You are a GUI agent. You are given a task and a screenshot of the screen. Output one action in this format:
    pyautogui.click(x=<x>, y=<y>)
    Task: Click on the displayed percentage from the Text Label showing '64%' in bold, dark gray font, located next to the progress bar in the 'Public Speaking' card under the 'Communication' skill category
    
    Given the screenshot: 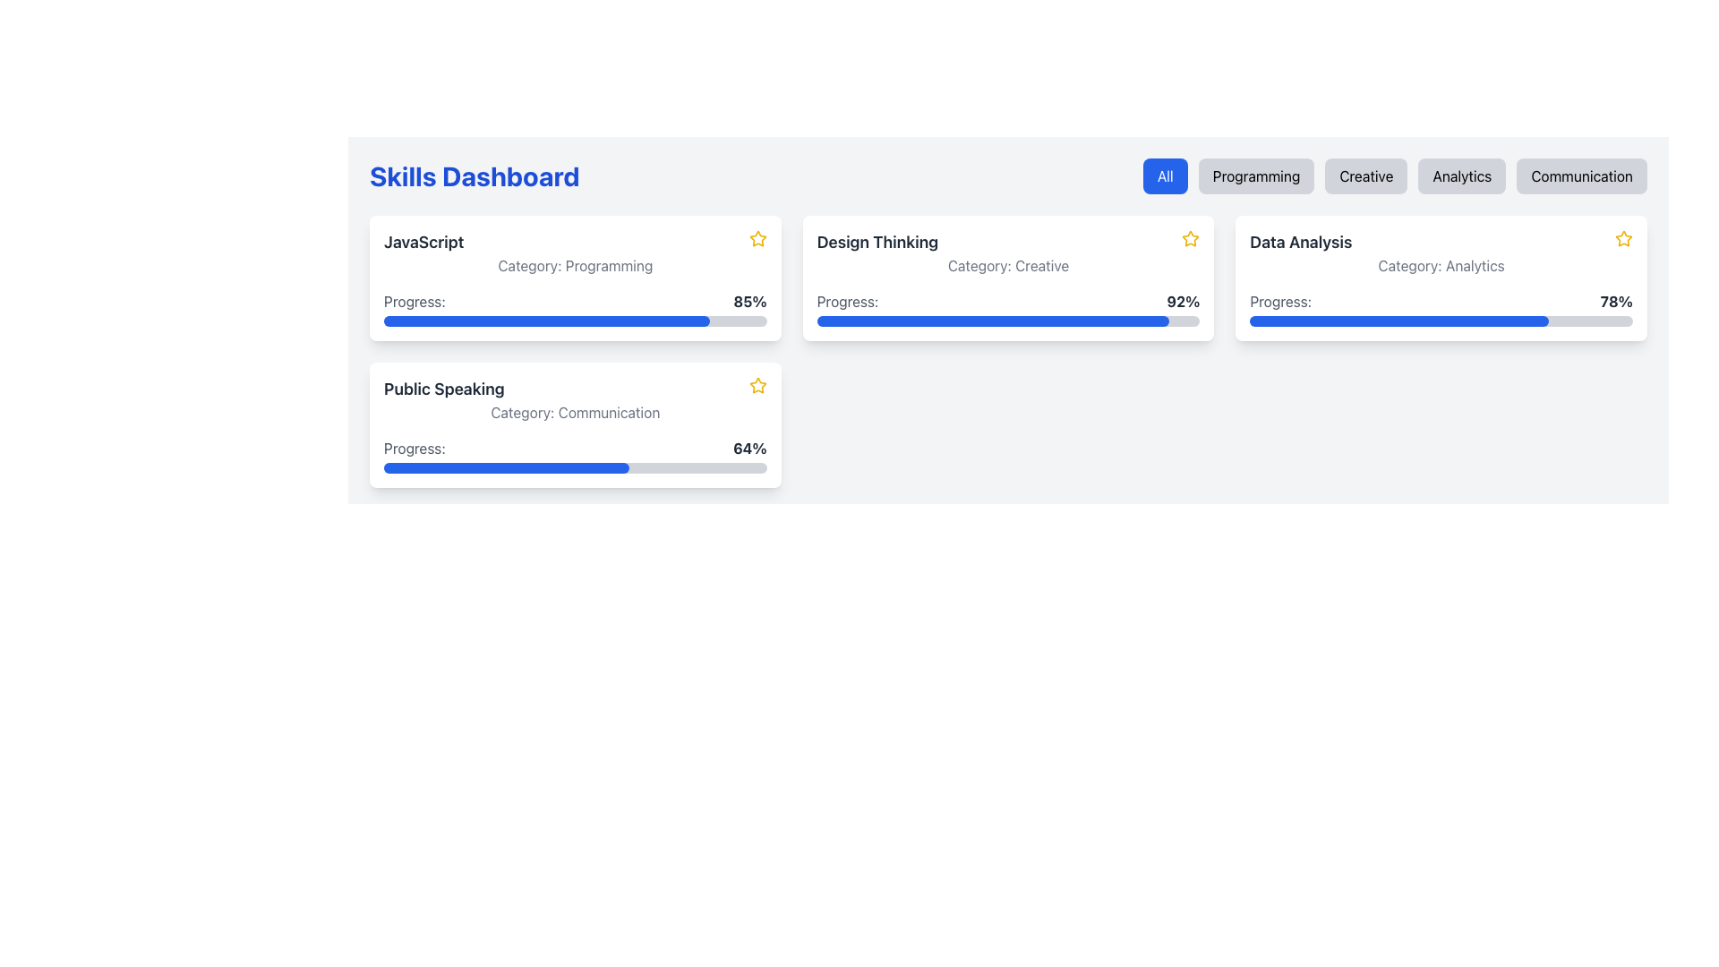 What is the action you would take?
    pyautogui.click(x=749, y=448)
    